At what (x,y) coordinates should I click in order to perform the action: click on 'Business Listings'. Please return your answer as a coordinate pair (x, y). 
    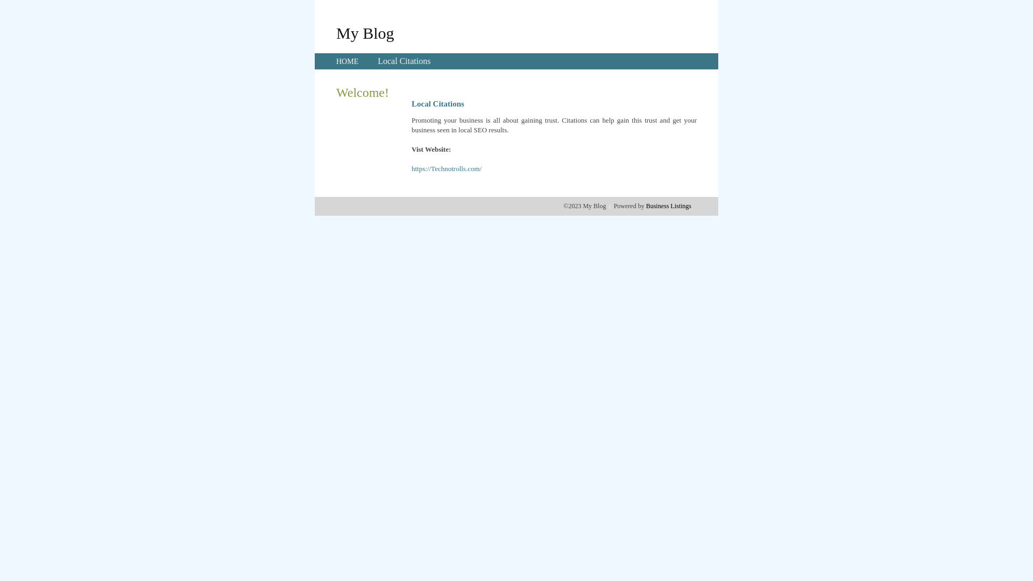
    Looking at the image, I should click on (646, 206).